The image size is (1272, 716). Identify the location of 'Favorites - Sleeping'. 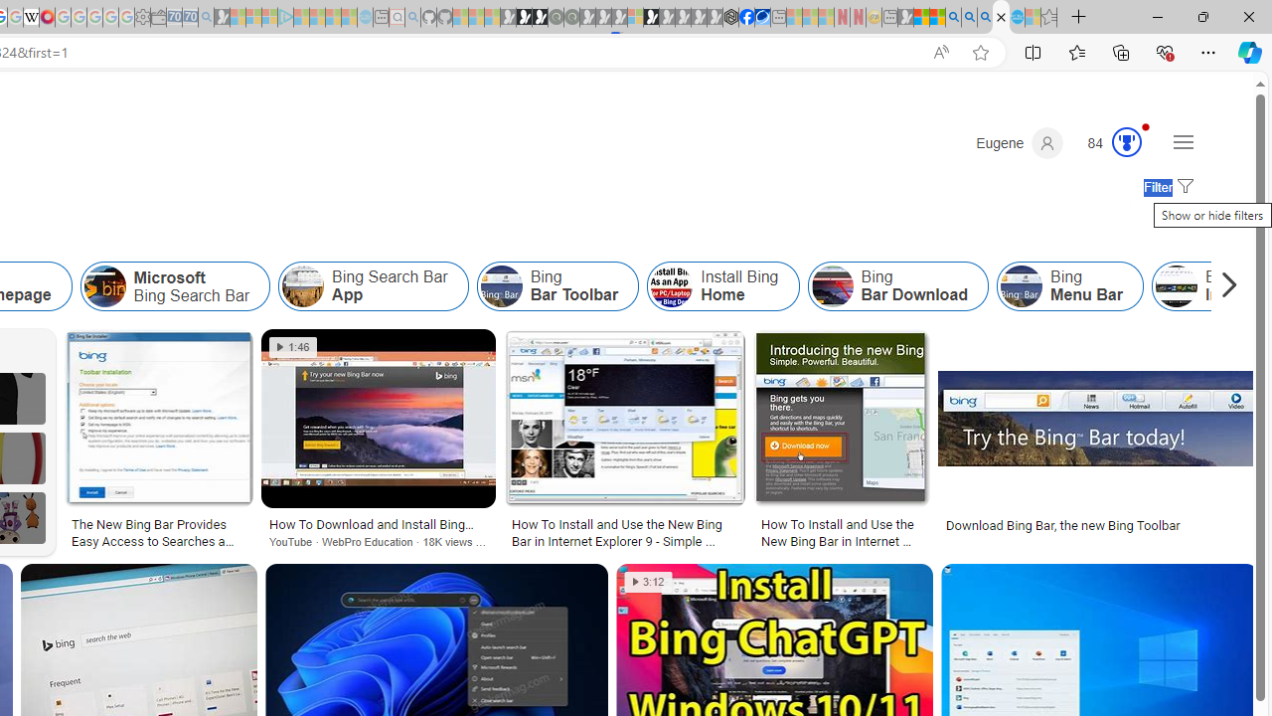
(1048, 17).